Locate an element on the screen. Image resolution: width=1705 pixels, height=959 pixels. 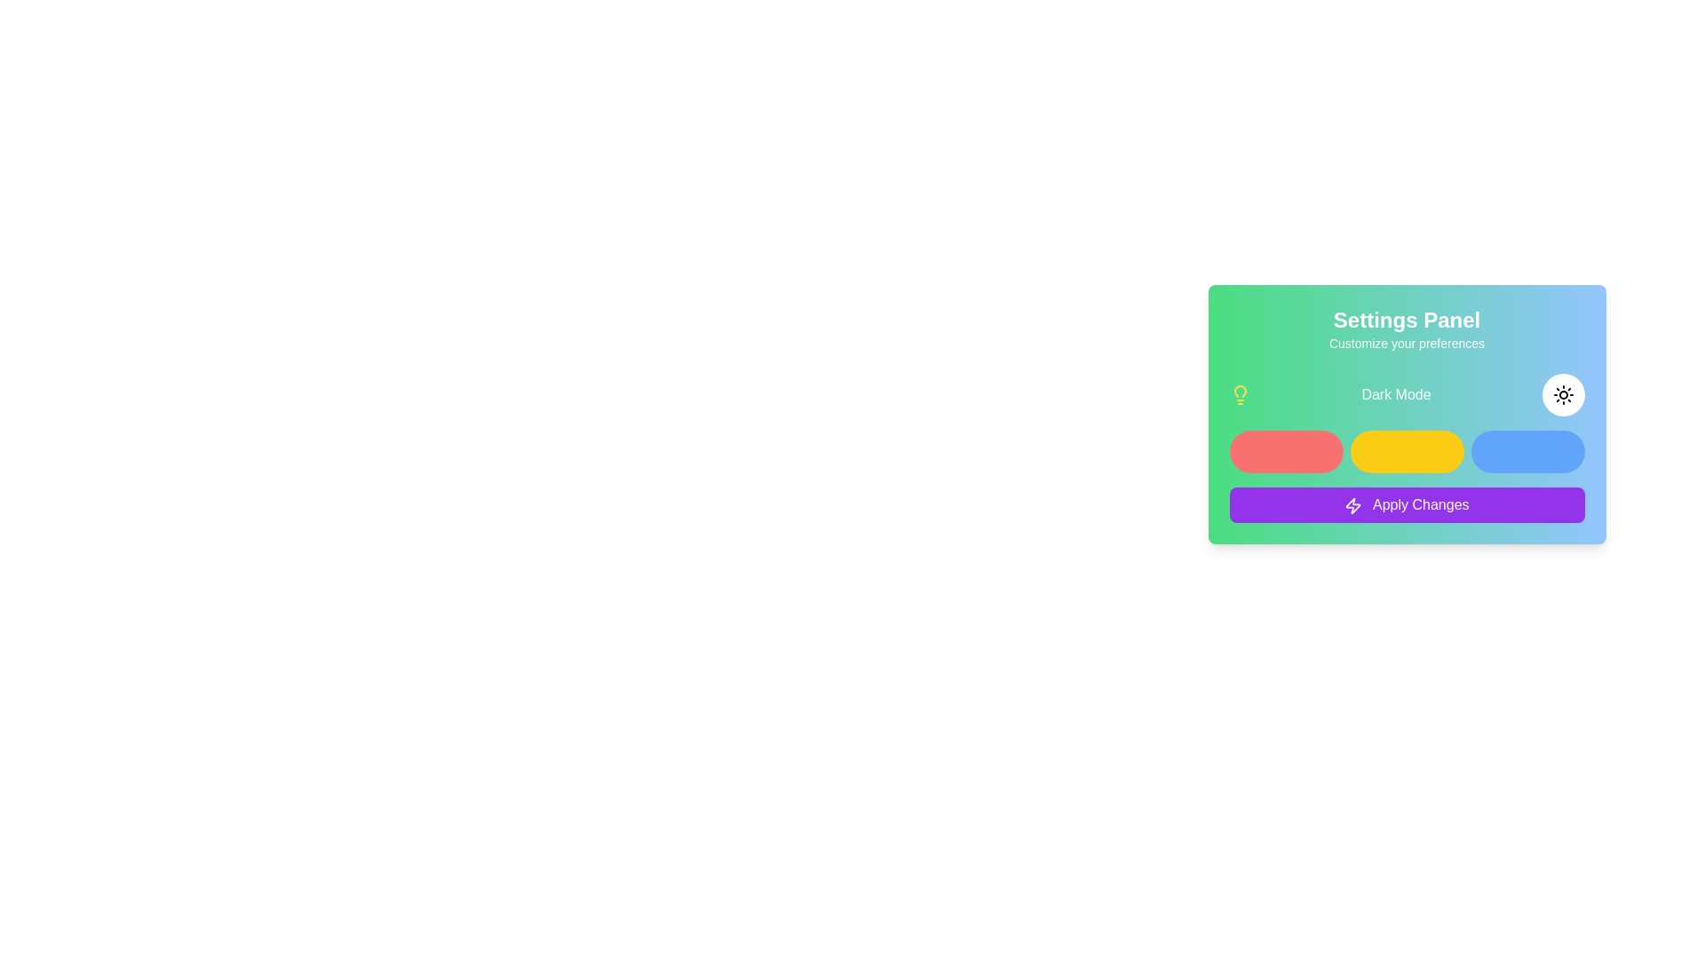
the icon representing the 'Apply Changes' action, which is located centrally at the bottom of the settings panel is located at coordinates (1352, 505).